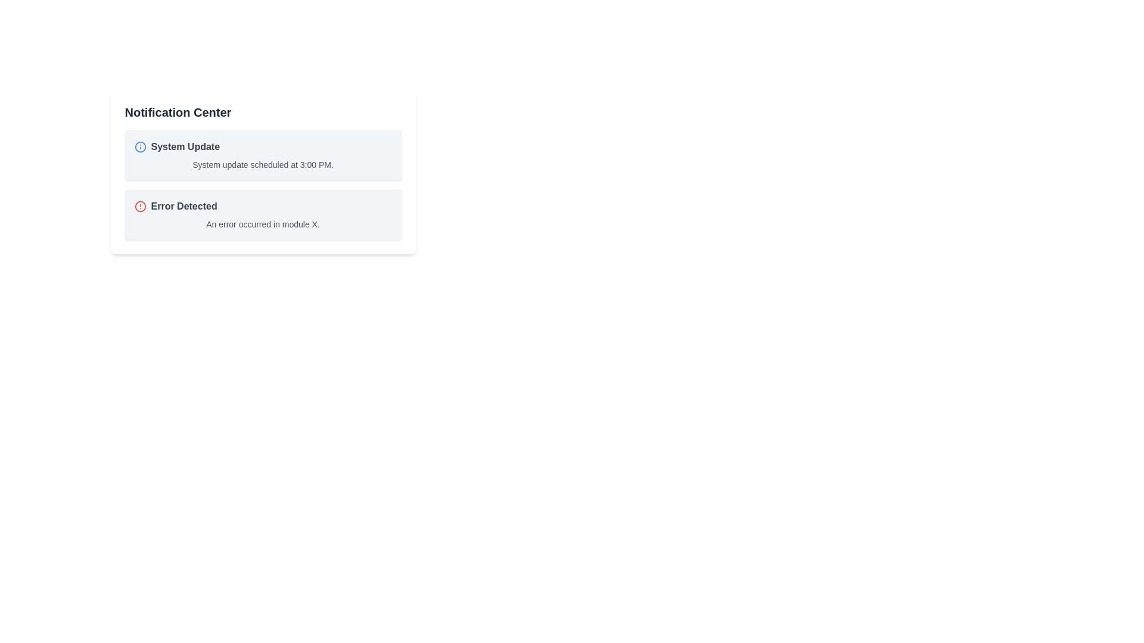 Image resolution: width=1144 pixels, height=643 pixels. What do you see at coordinates (140, 146) in the screenshot?
I see `the circular blue icon with a bold outline that has a central dot and a vertical line beneath it, located to the left of the text 'System Update'` at bounding box center [140, 146].